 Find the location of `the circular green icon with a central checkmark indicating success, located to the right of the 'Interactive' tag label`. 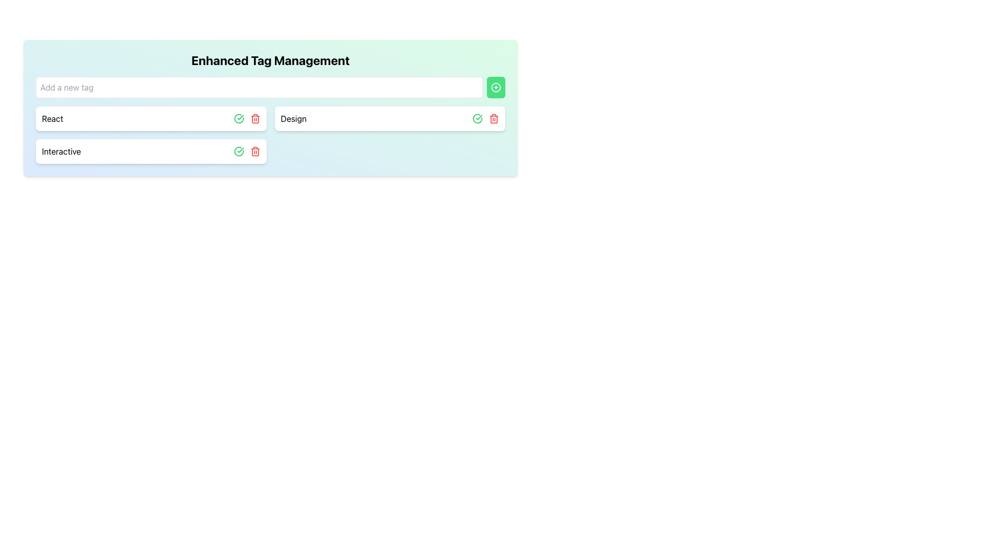

the circular green icon with a central checkmark indicating success, located to the right of the 'Interactive' tag label is located at coordinates (238, 118).